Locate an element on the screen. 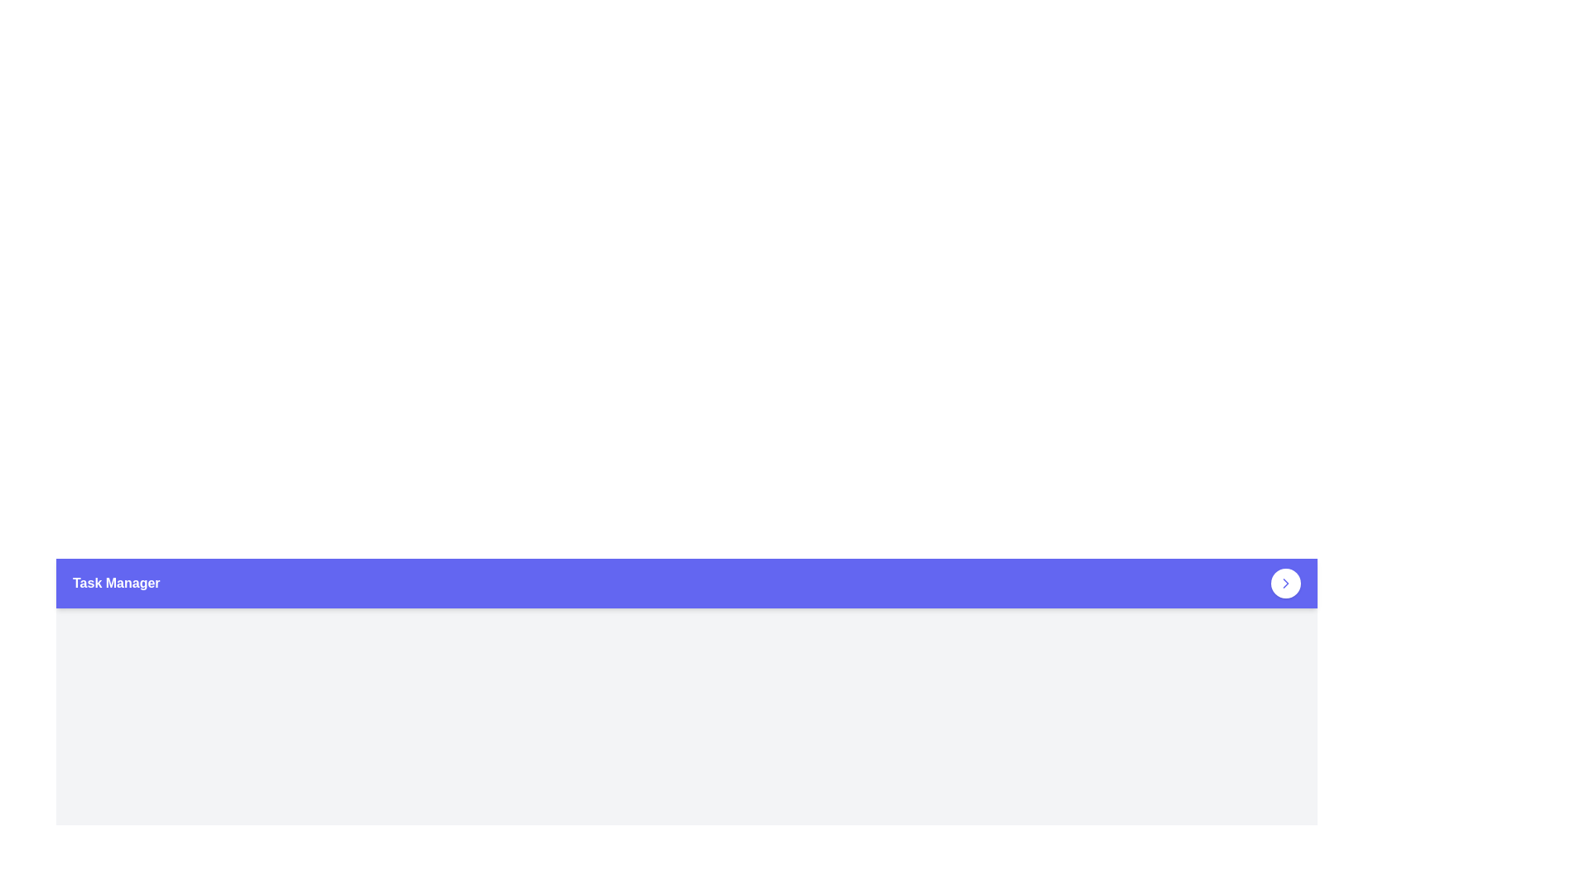  the rightward chevron icon located within a circular button beside the 'Task Manager' header to initiate a navigation action is located at coordinates (1285, 583).